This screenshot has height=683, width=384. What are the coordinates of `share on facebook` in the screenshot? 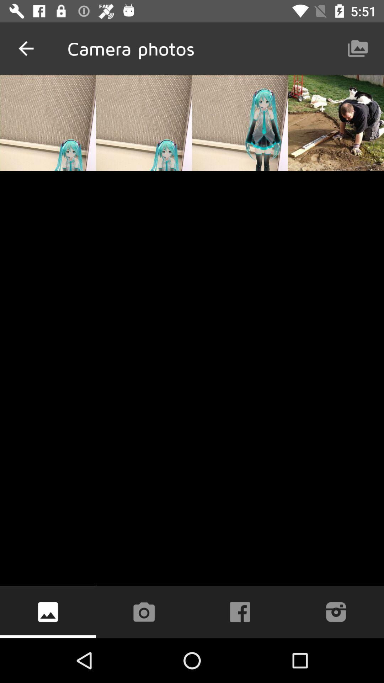 It's located at (240, 611).